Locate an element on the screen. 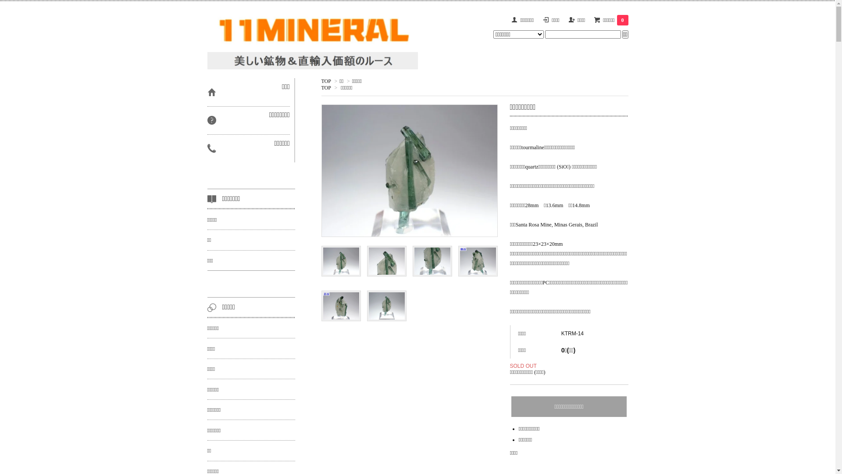 This screenshot has height=474, width=842. 'TOP' is located at coordinates (320, 88).